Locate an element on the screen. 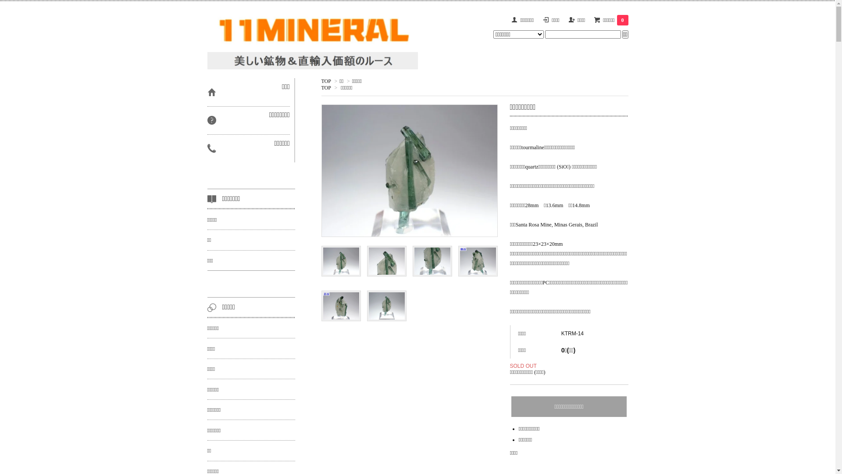 This screenshot has height=474, width=842. 'TOP' is located at coordinates (320, 88).